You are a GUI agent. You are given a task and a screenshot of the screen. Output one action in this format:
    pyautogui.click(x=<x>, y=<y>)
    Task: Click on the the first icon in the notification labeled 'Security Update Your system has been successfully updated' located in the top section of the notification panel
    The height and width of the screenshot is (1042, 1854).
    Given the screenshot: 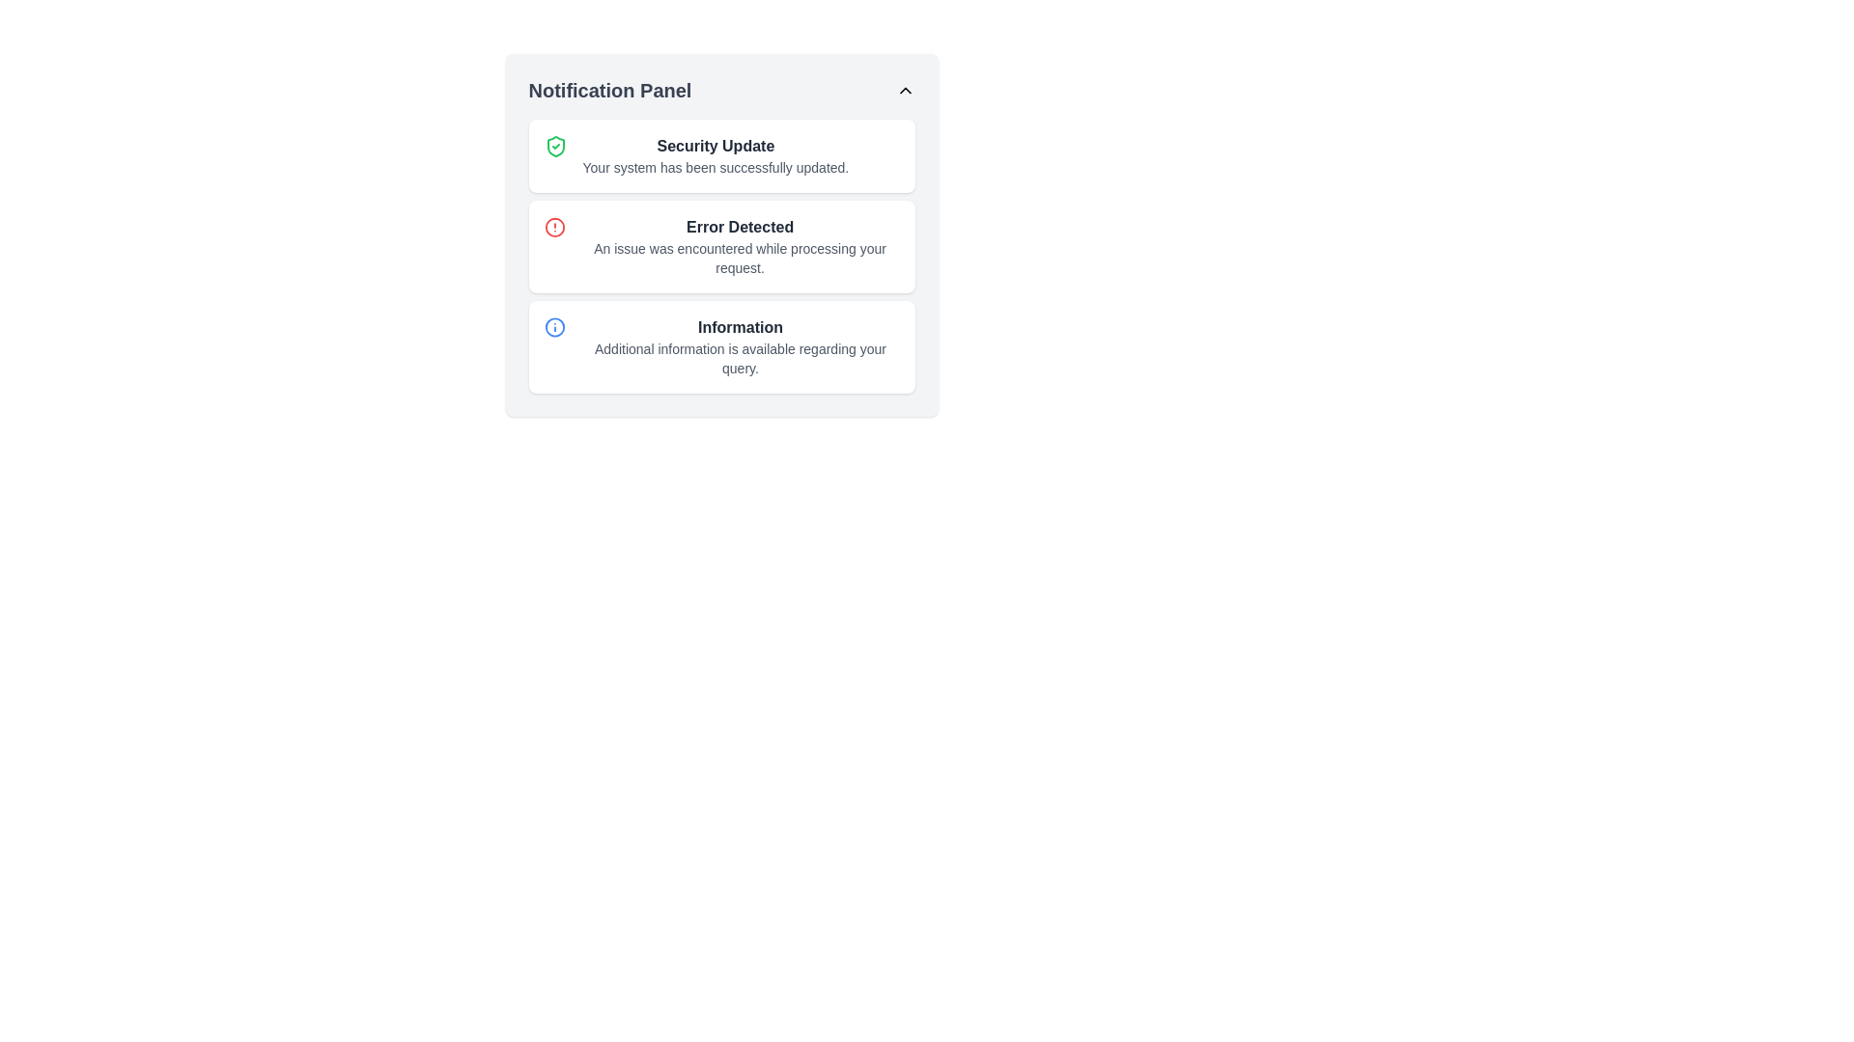 What is the action you would take?
    pyautogui.click(x=554, y=145)
    